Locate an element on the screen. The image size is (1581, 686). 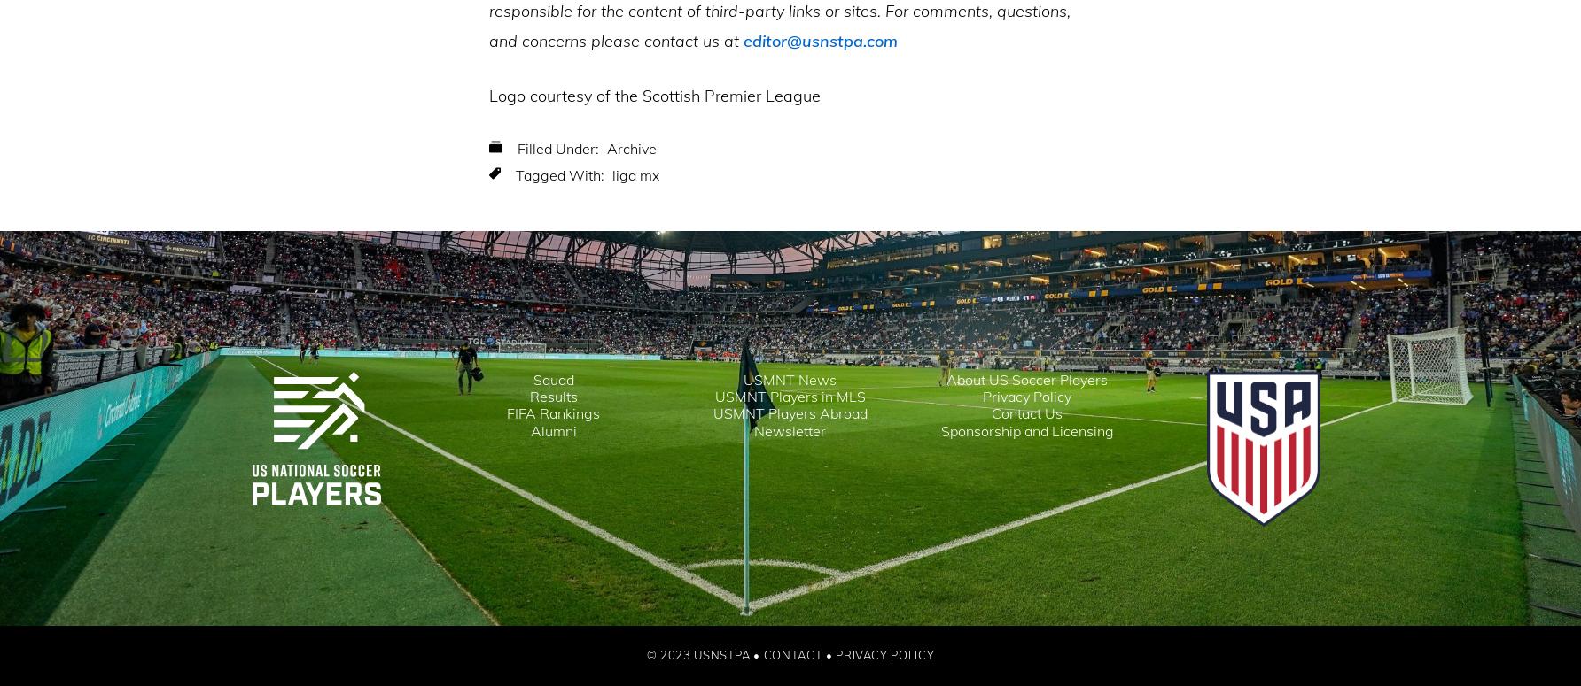
'© 2023 USNSTPA •' is located at coordinates (703, 653).